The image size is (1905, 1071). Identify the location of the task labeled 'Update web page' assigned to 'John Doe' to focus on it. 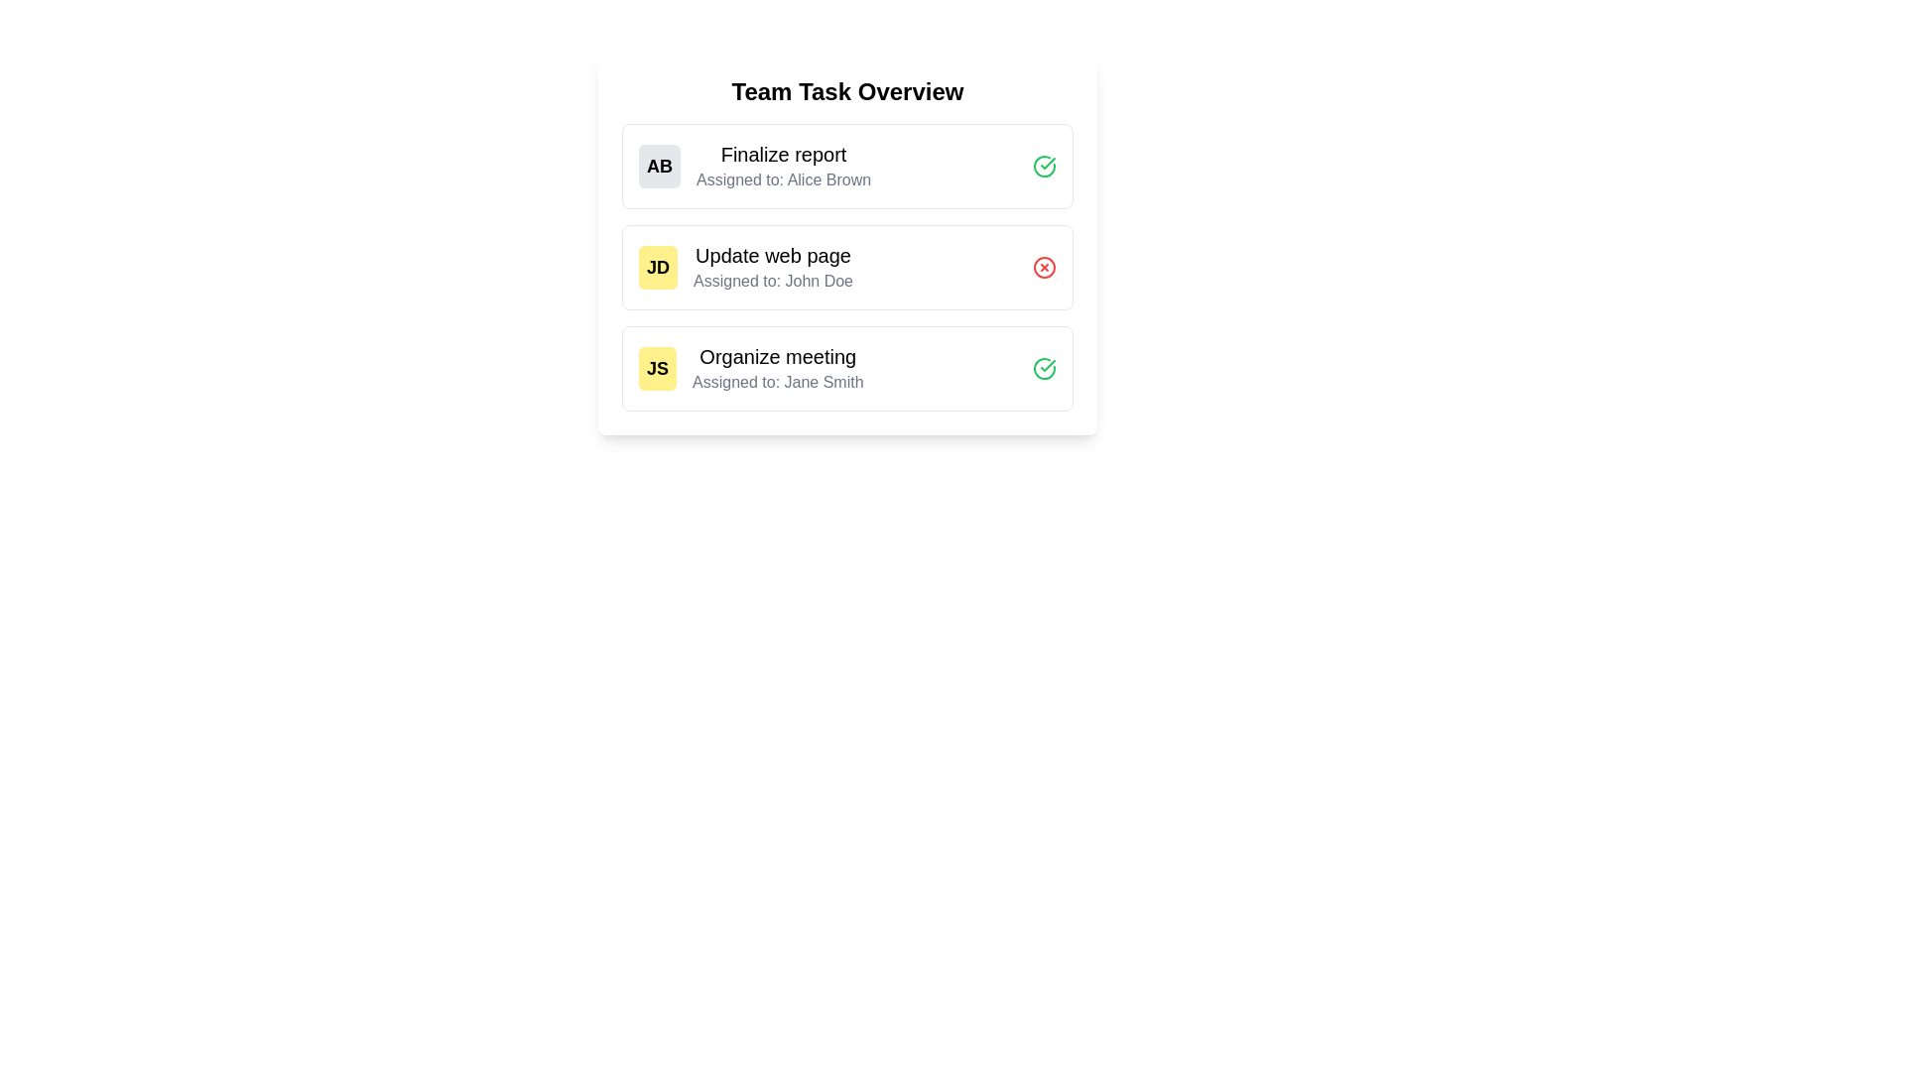
(847, 268).